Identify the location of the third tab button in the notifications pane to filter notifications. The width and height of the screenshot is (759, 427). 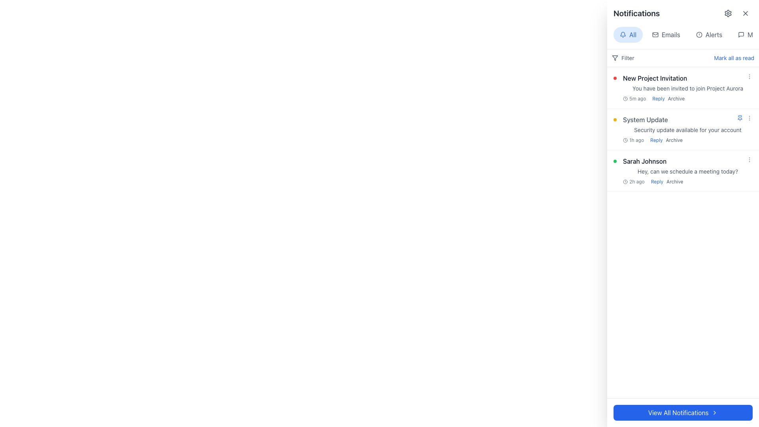
(709, 34).